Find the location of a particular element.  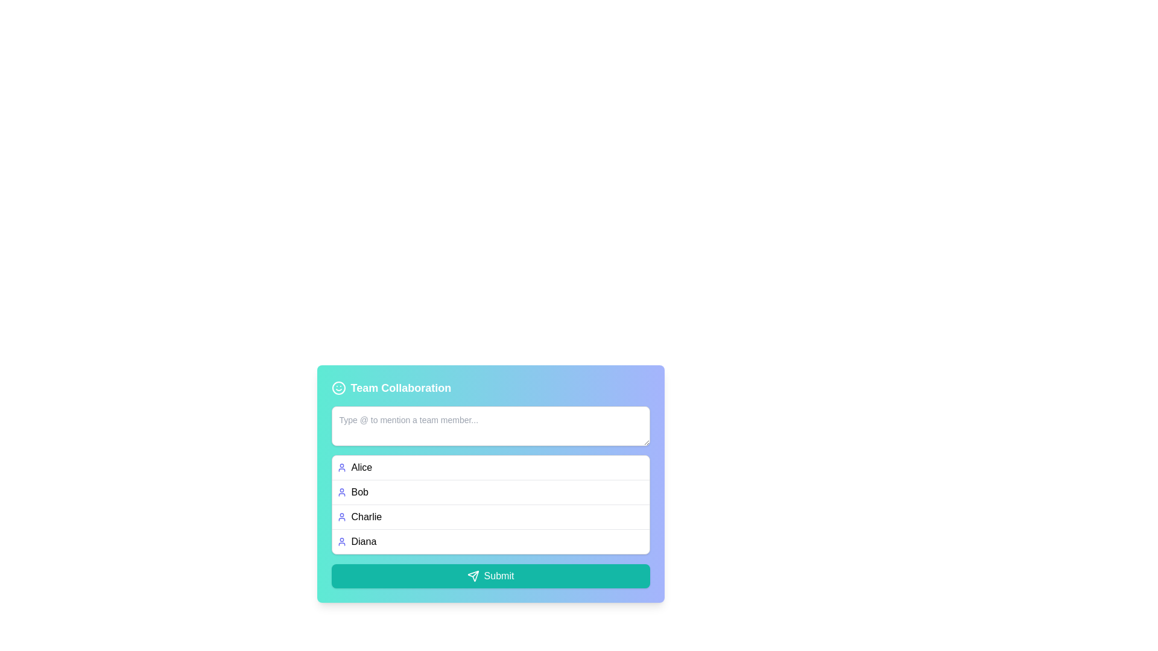

the list item representing the user named 'Bob', which is the second item in a four-item list is located at coordinates (490, 492).